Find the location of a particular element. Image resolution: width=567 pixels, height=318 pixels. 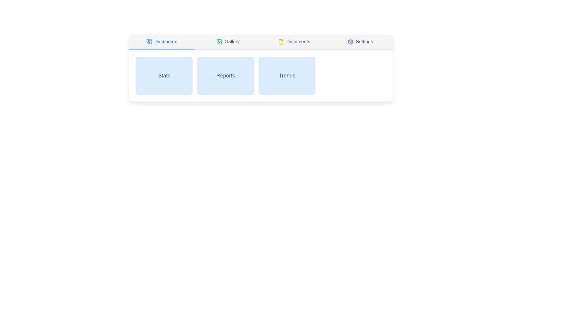

the 'Reports' text label, which is displayed in bold blue font within the center of a light blue rectangular card with rounded corners is located at coordinates (225, 75).